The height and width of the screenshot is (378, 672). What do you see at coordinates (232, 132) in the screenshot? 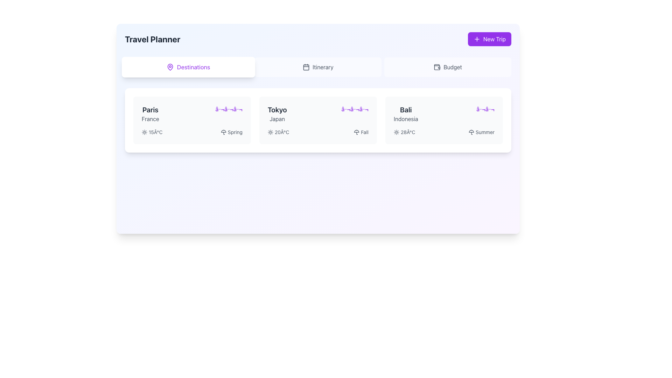
I see `the text and icon indicating the season for the travel destination 'Paris, France', located in the lower-right section of the card, adjacent to the temperature text '15Â°C'` at bounding box center [232, 132].